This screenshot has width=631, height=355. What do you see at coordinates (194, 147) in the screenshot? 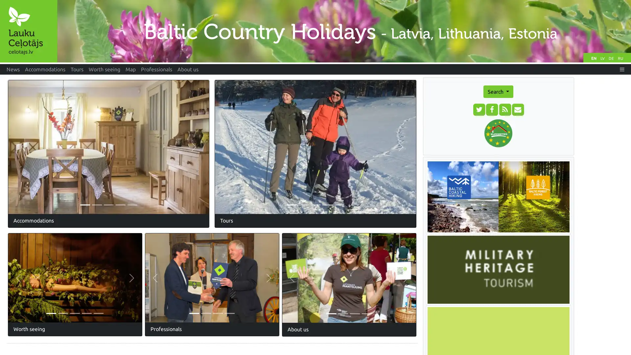
I see `Next` at bounding box center [194, 147].